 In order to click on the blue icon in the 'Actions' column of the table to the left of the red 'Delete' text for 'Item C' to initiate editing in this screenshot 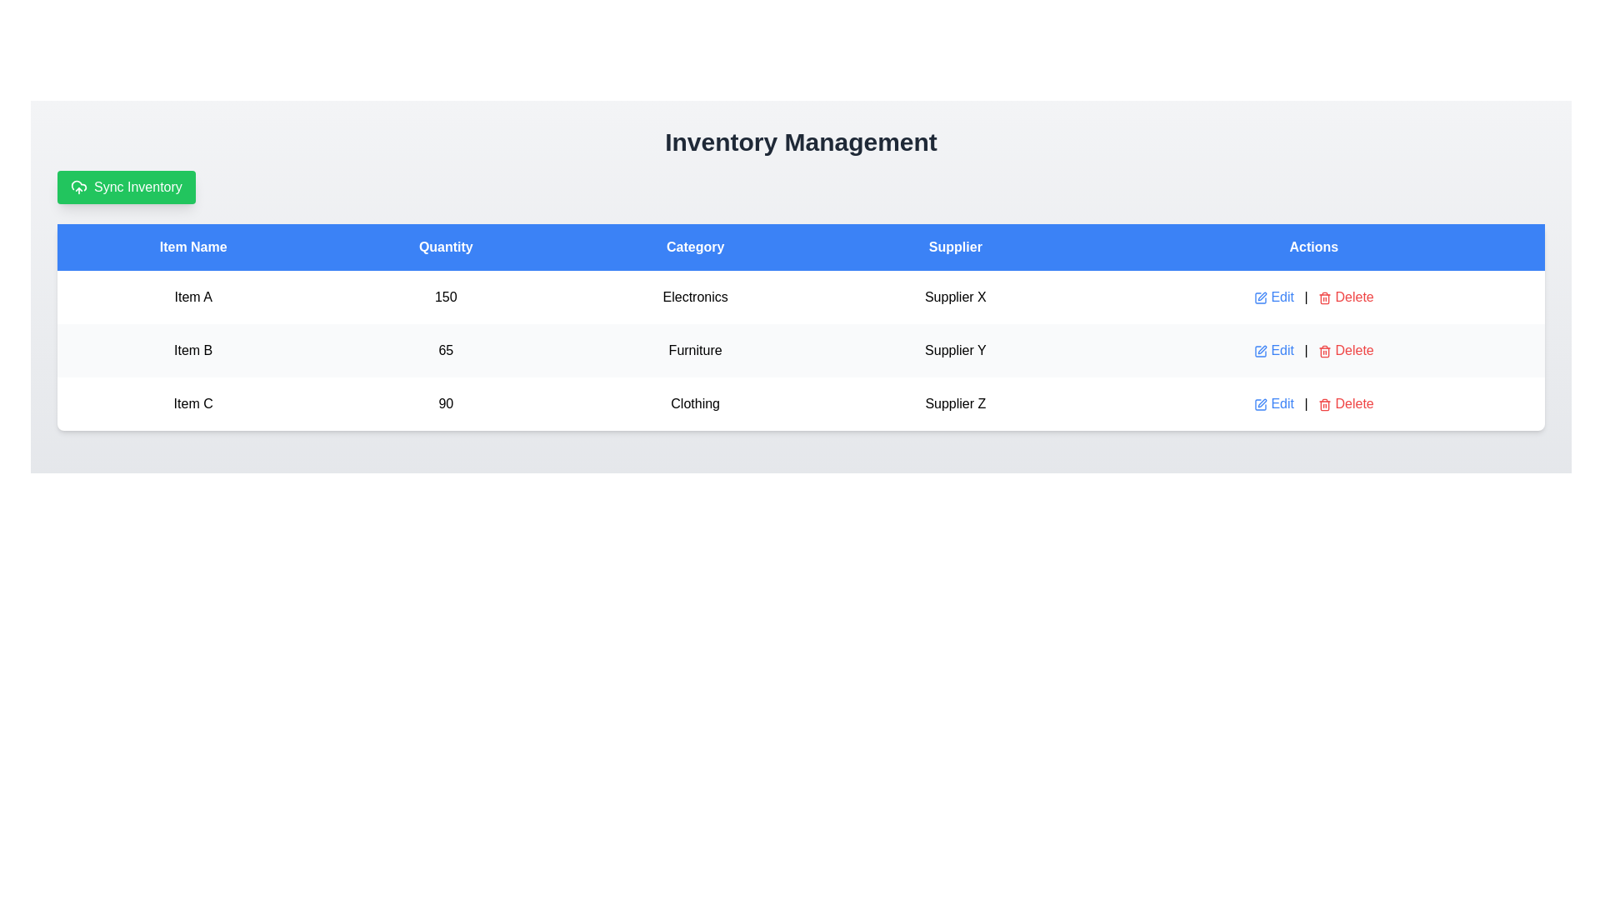, I will do `click(1260, 404)`.